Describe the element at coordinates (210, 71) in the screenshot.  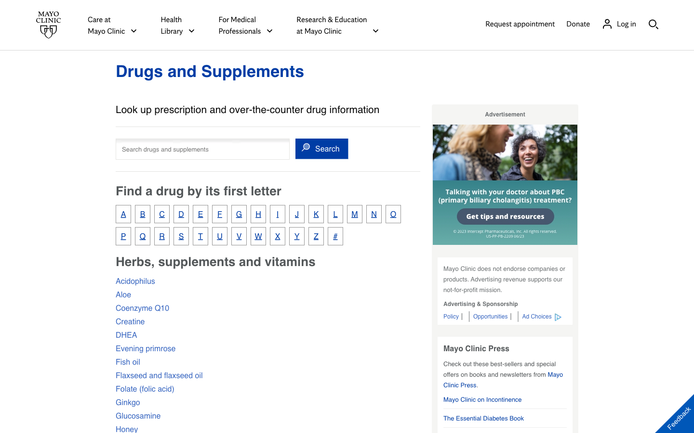
I see `Update the page by carrying out a refresh without typing anything` at that location.